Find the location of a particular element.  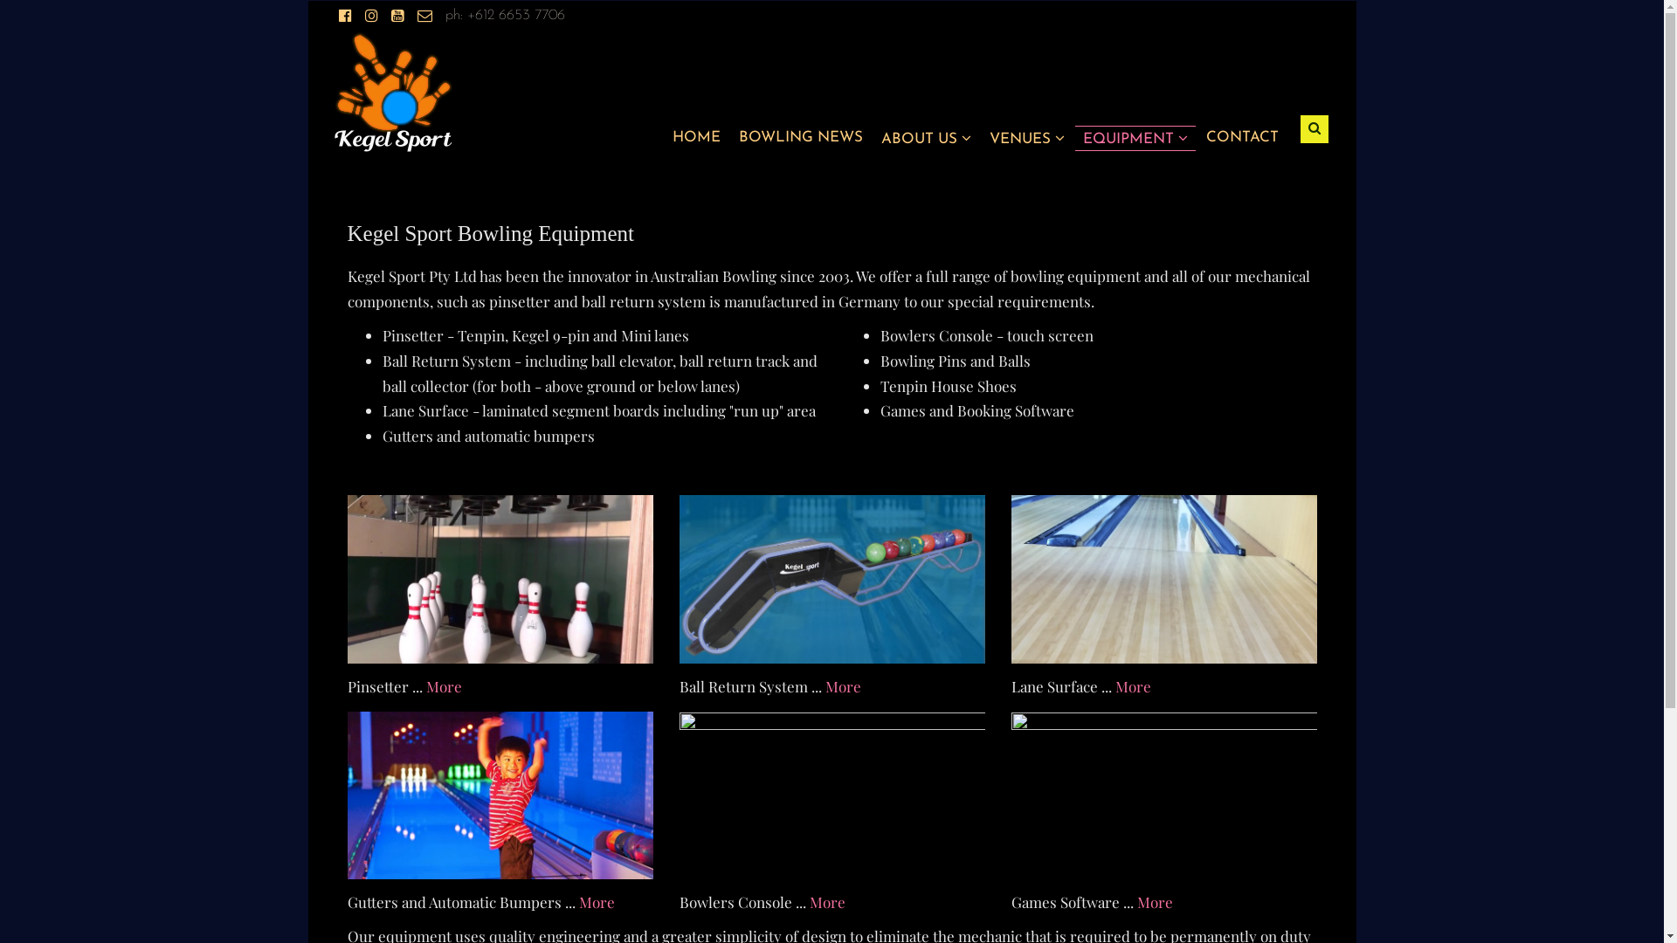

'HOME' is located at coordinates (695, 136).